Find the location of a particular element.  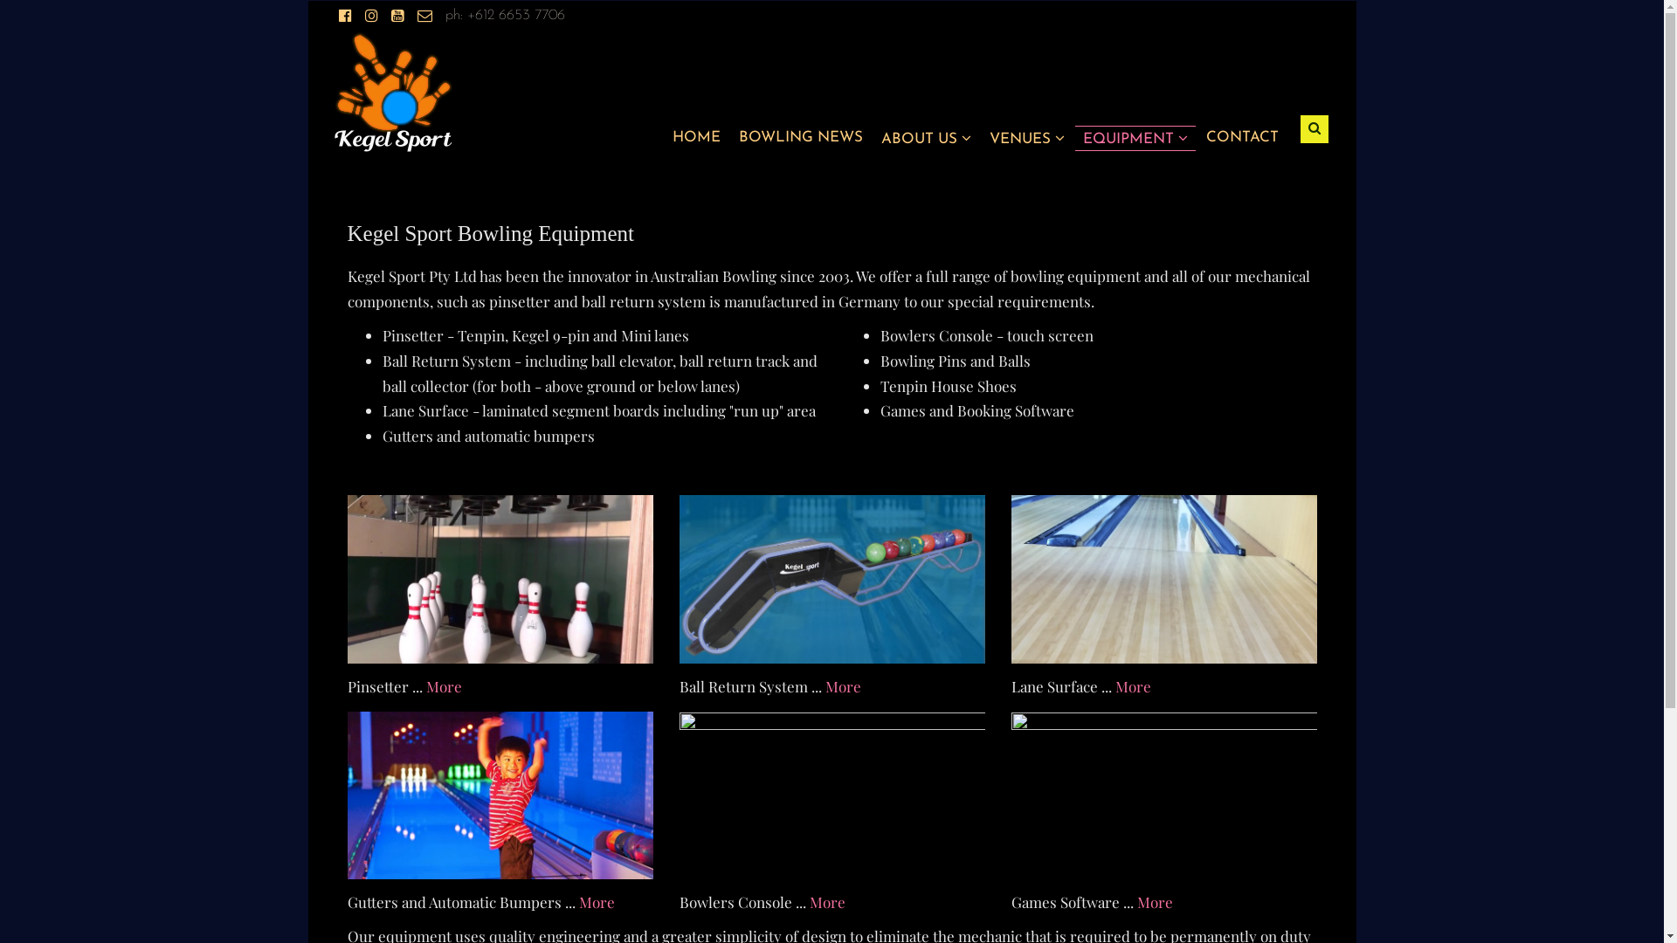

'HOME' is located at coordinates (695, 136).